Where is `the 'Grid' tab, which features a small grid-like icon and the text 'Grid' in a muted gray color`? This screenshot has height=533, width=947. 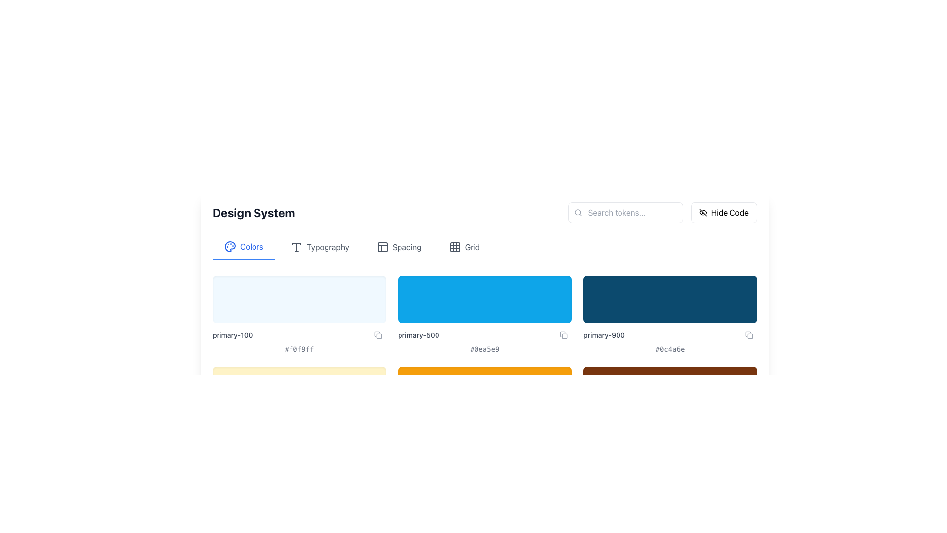
the 'Grid' tab, which features a small grid-like icon and the text 'Grid' in a muted gray color is located at coordinates (464, 247).